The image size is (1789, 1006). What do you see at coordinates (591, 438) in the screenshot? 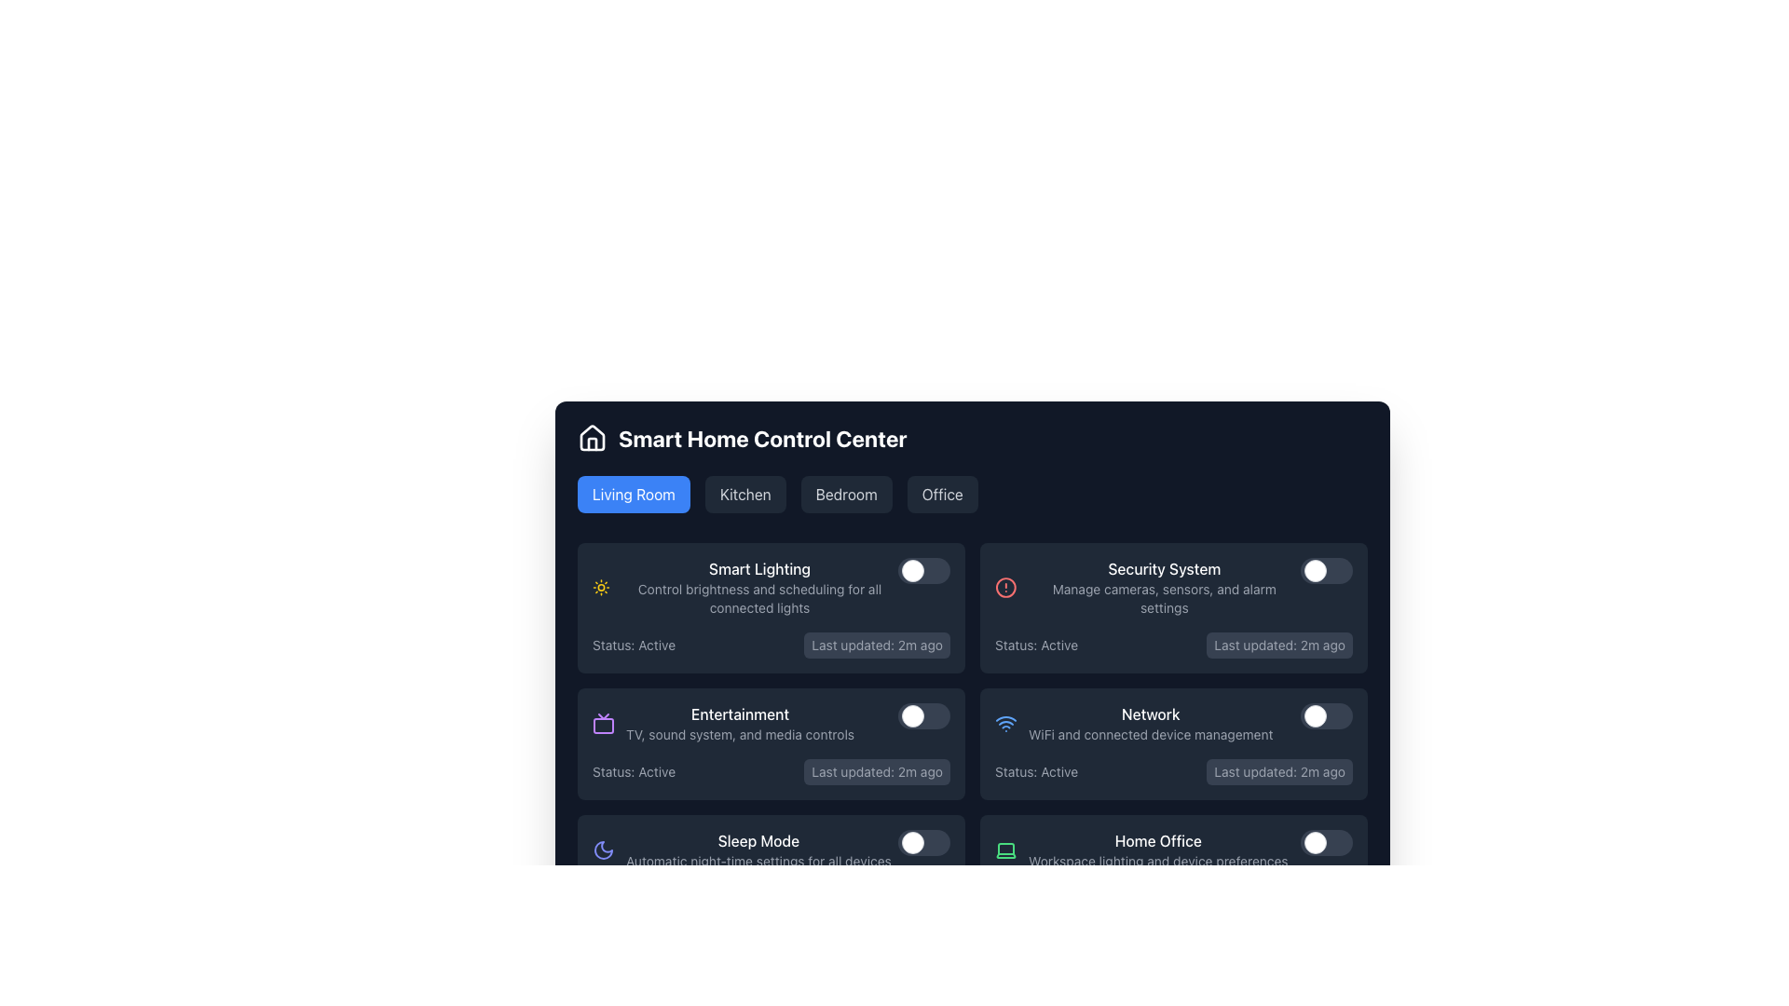
I see `the home icon representing the Smart Home Control Center, located to the left of the title text in the header section` at bounding box center [591, 438].